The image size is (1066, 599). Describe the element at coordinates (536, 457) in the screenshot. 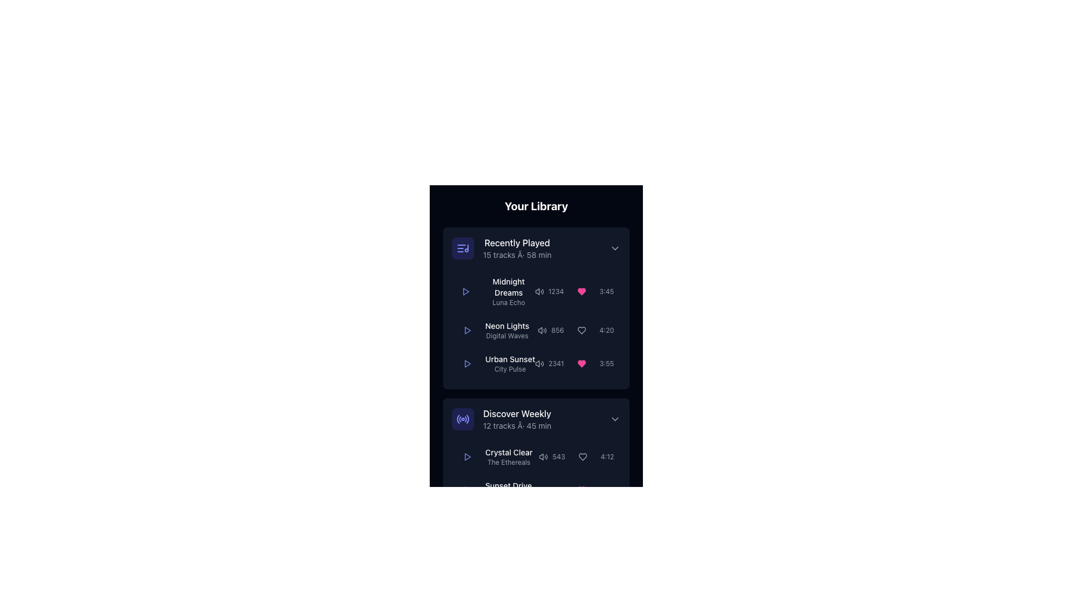

I see `the play button of the music track 'Crystal Clear' in the 'Discover Weekly' playlist` at that location.